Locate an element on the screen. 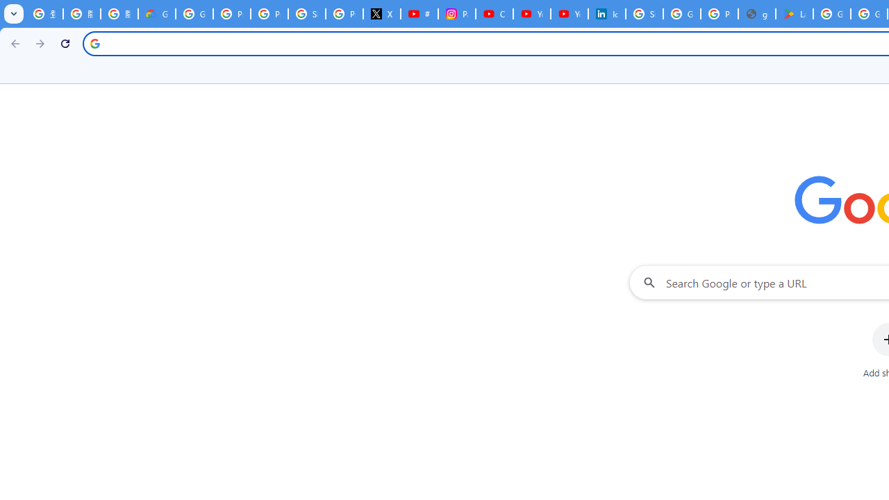 The image size is (889, 500). 'YouTube Culture & Trends - YouTube Top 10, 2021' is located at coordinates (569, 14).